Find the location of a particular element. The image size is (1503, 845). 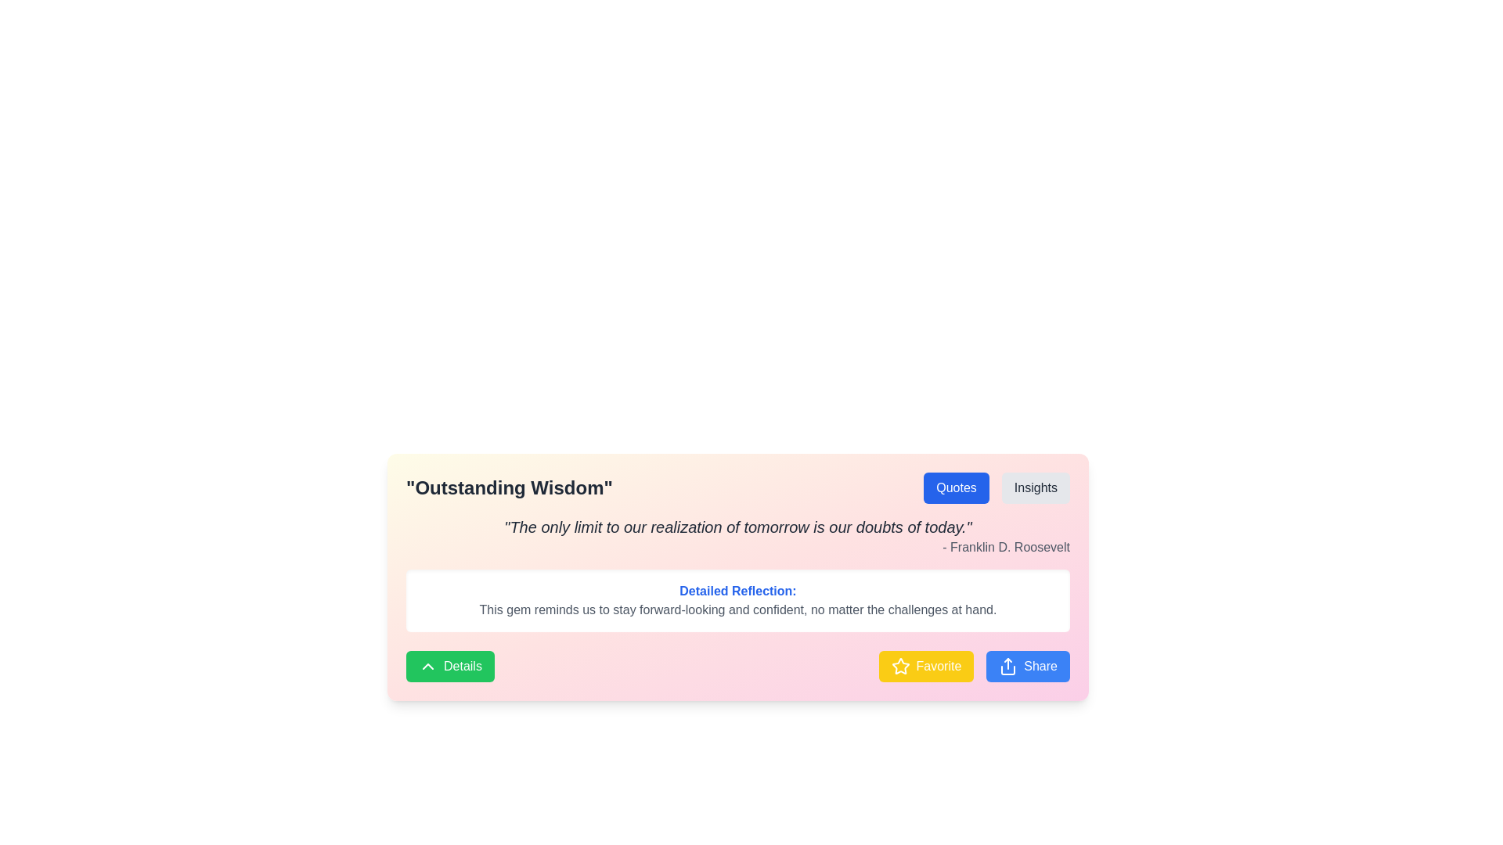

the star icon with a yellow fill located to the left of the 'Favorite' text on the action controls at the bottom of the card is located at coordinates (900, 667).